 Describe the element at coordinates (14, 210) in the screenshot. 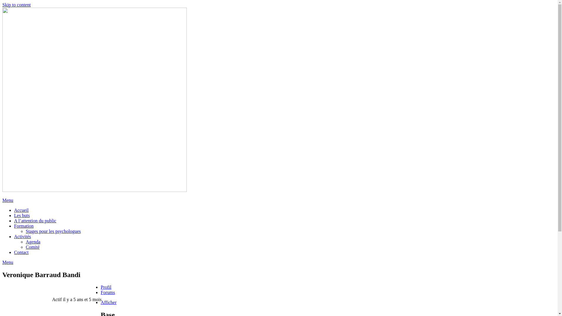

I see `'Accueil'` at that location.